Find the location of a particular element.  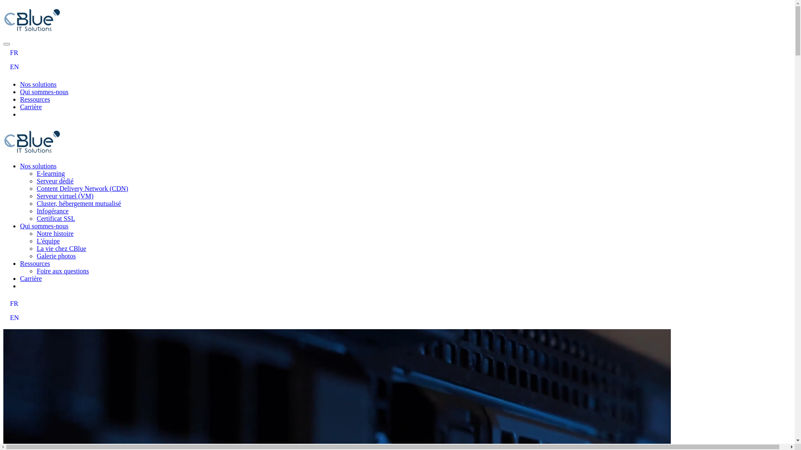

'Content Delivery Network (CDN)' is located at coordinates (82, 188).